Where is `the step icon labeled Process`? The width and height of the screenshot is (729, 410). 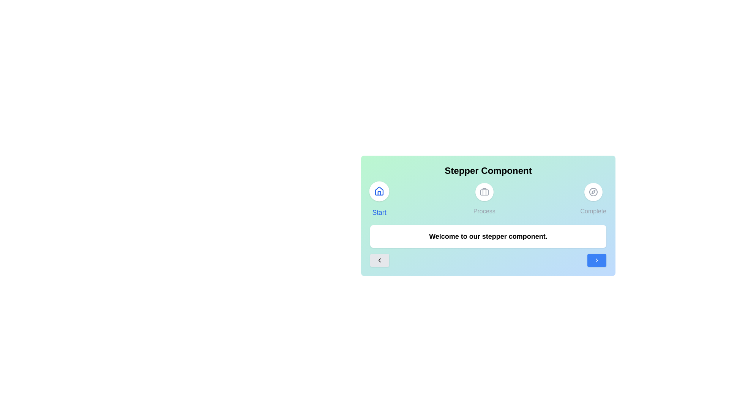 the step icon labeled Process is located at coordinates (484, 199).